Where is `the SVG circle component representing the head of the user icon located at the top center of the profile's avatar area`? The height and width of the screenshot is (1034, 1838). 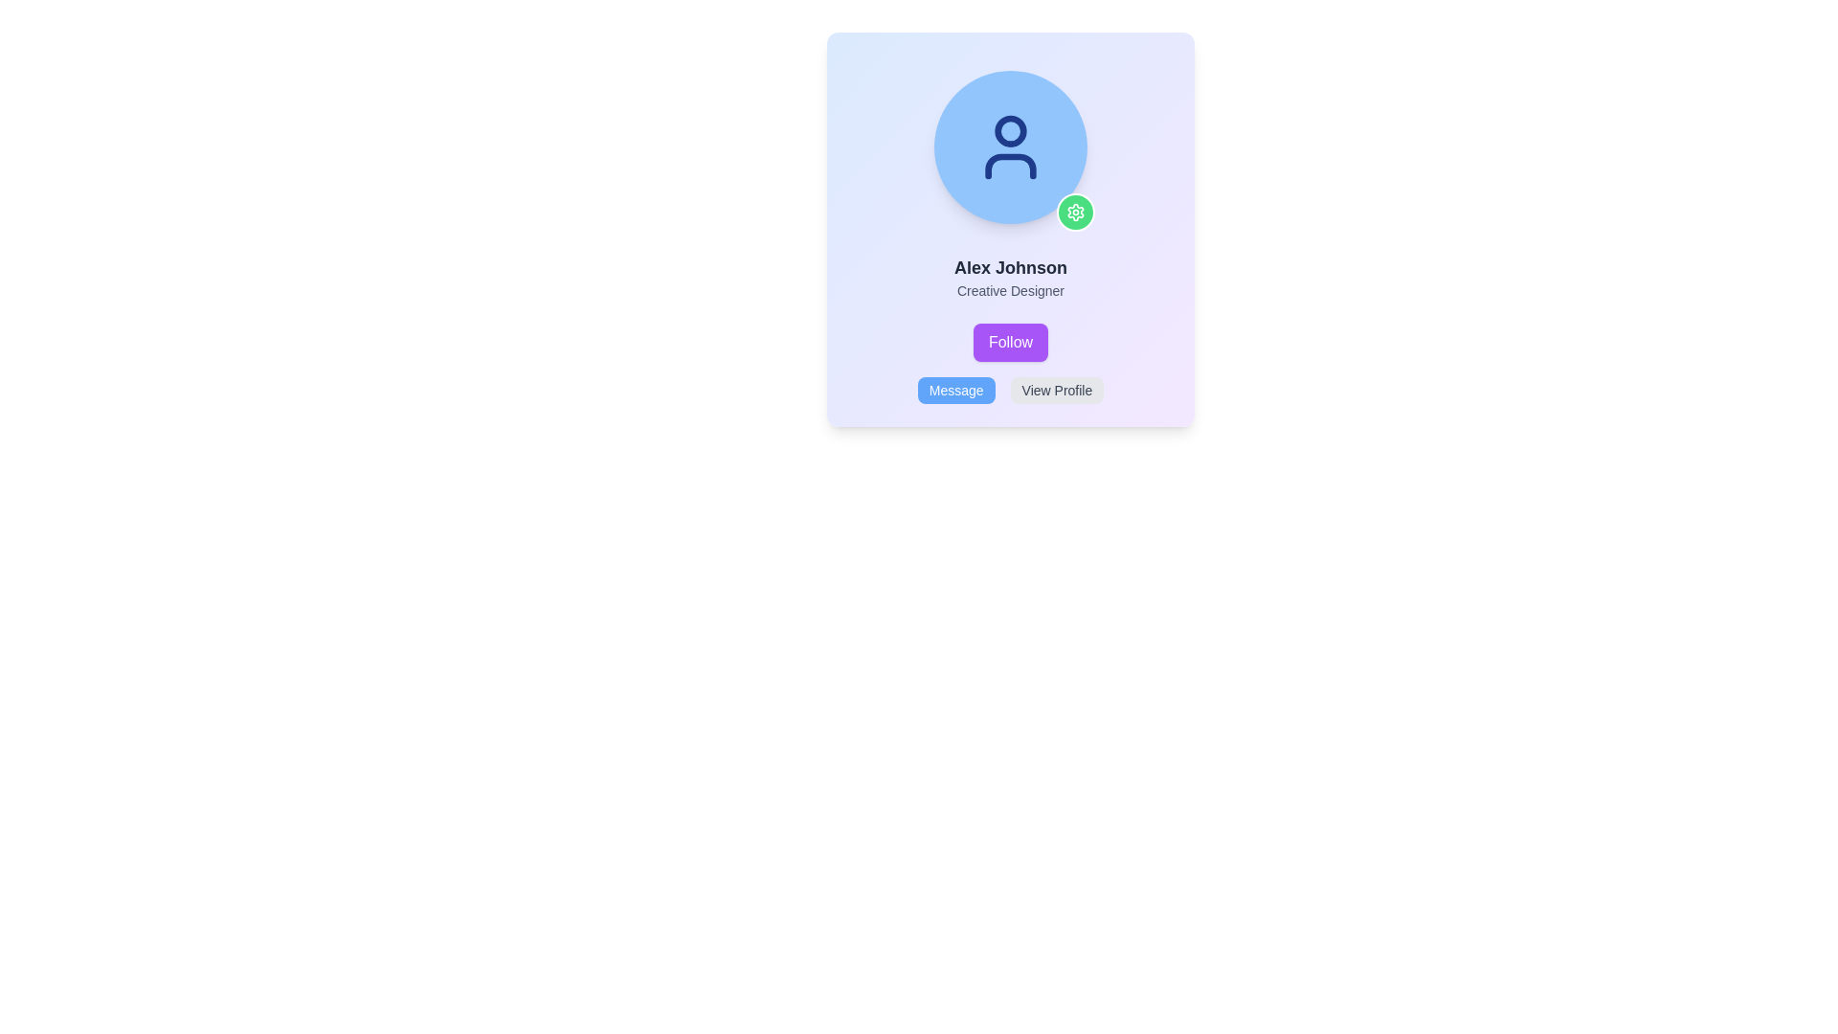 the SVG circle component representing the head of the user icon located at the top center of the profile's avatar area is located at coordinates (1010, 130).